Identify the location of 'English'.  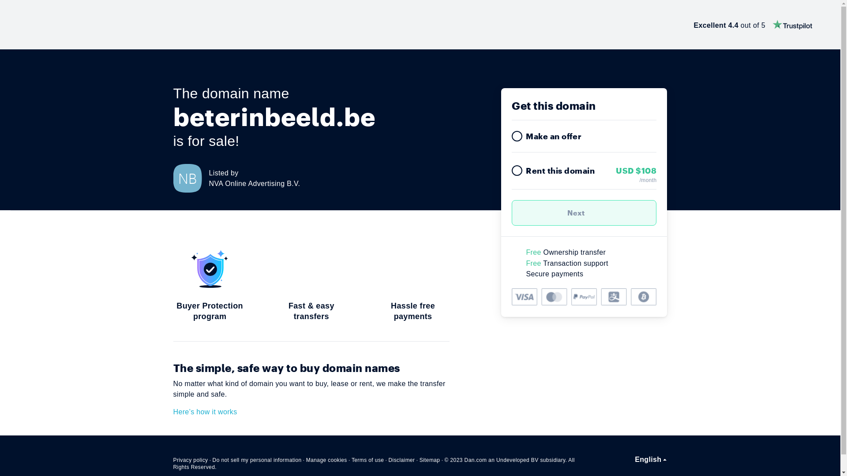
(634, 459).